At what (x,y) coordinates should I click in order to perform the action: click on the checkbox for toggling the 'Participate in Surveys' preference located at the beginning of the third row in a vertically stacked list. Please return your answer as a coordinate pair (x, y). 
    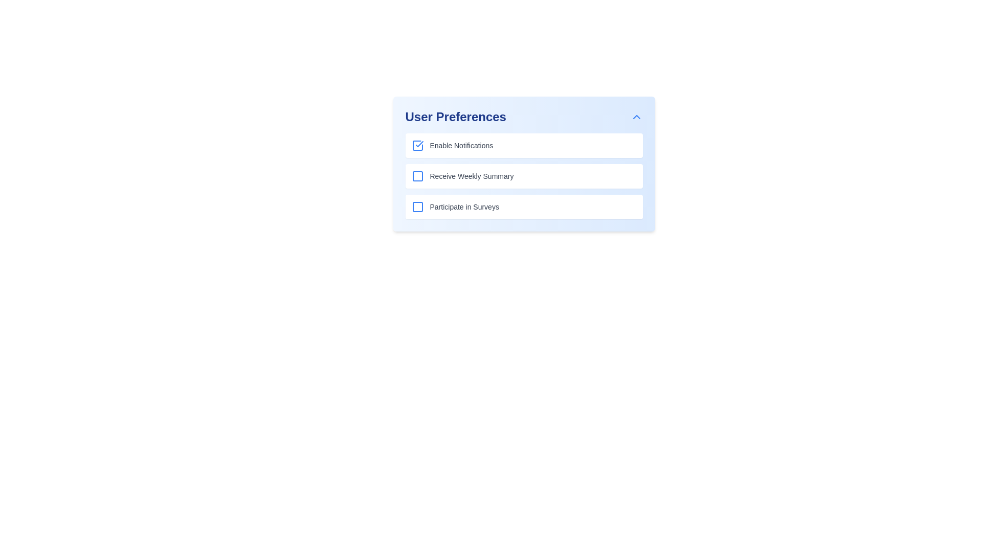
    Looking at the image, I should click on (417, 207).